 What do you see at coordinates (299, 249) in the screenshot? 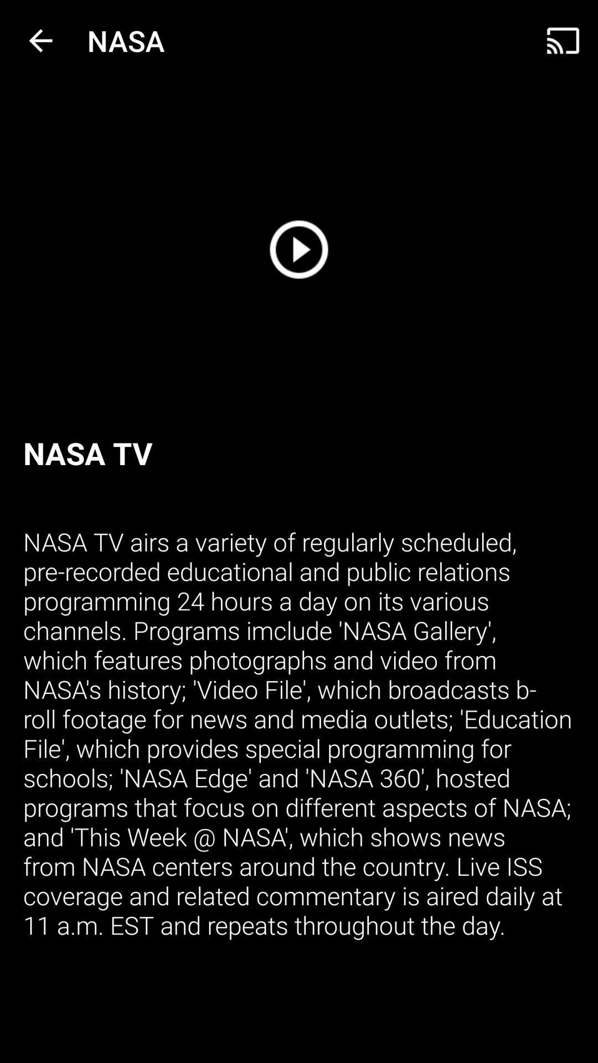
I see `the play icon` at bounding box center [299, 249].